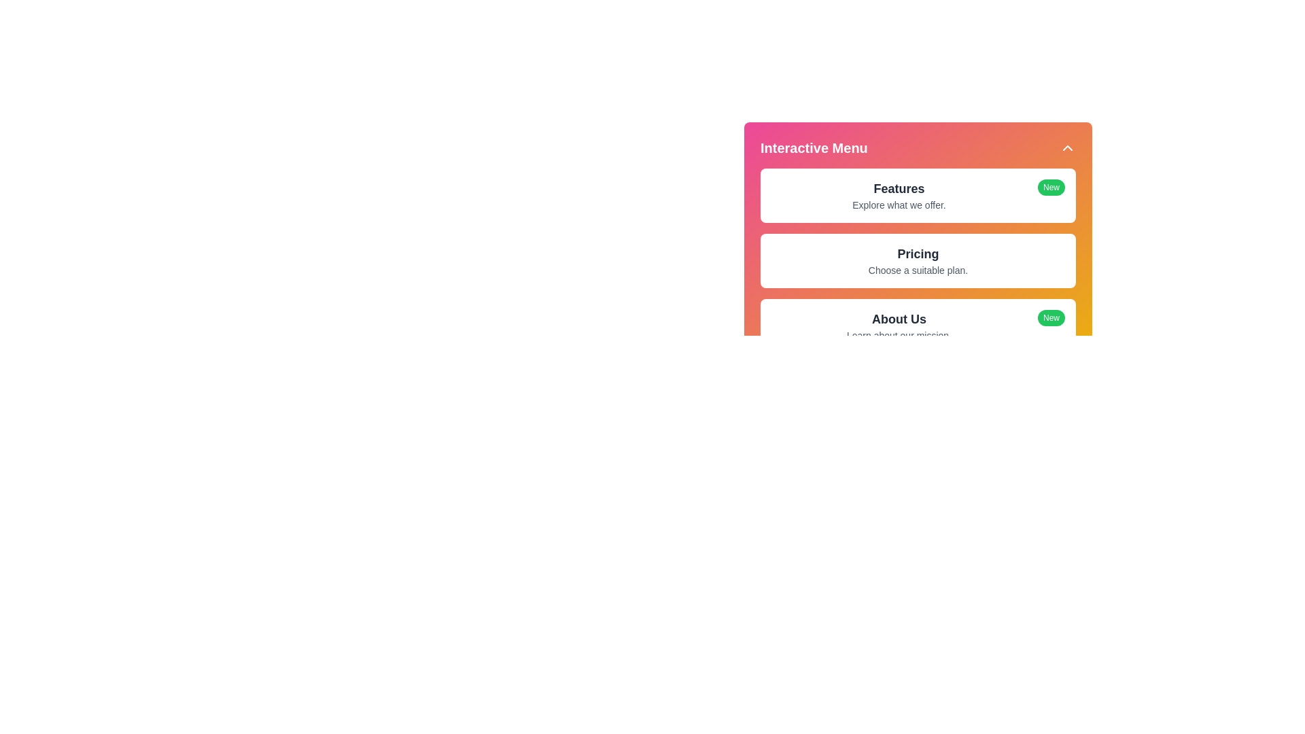 This screenshot has height=734, width=1305. I want to click on the menu item labeled About Us to view its details, so click(899, 319).